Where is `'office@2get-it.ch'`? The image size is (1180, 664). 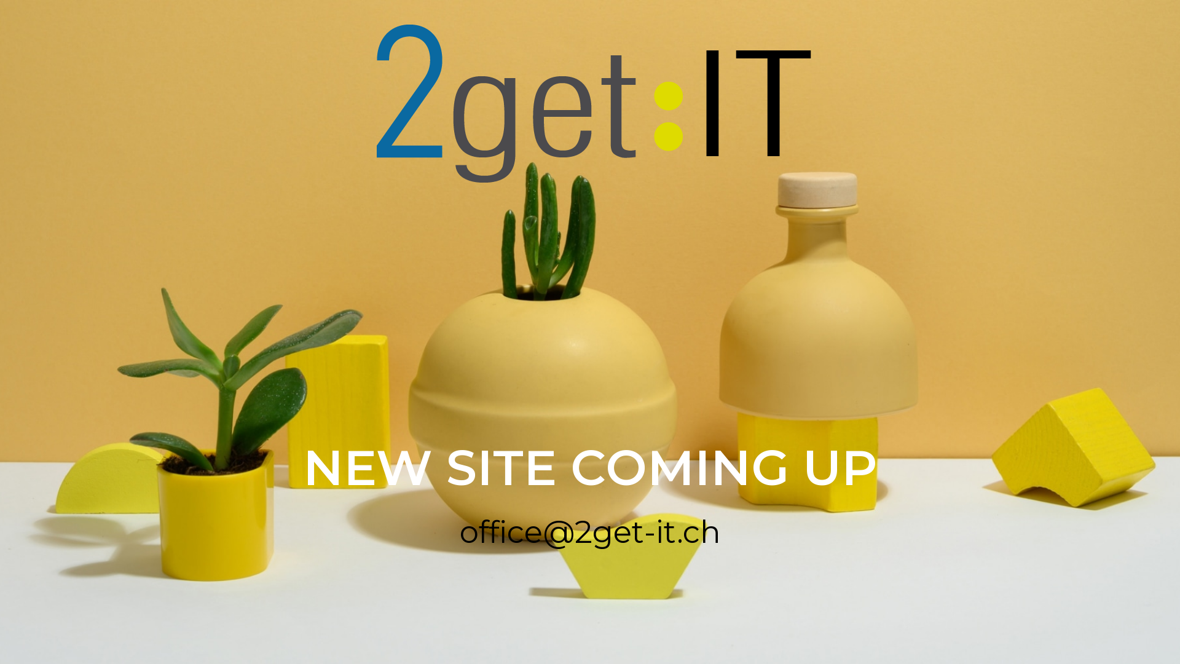 'office@2get-it.ch' is located at coordinates (590, 531).